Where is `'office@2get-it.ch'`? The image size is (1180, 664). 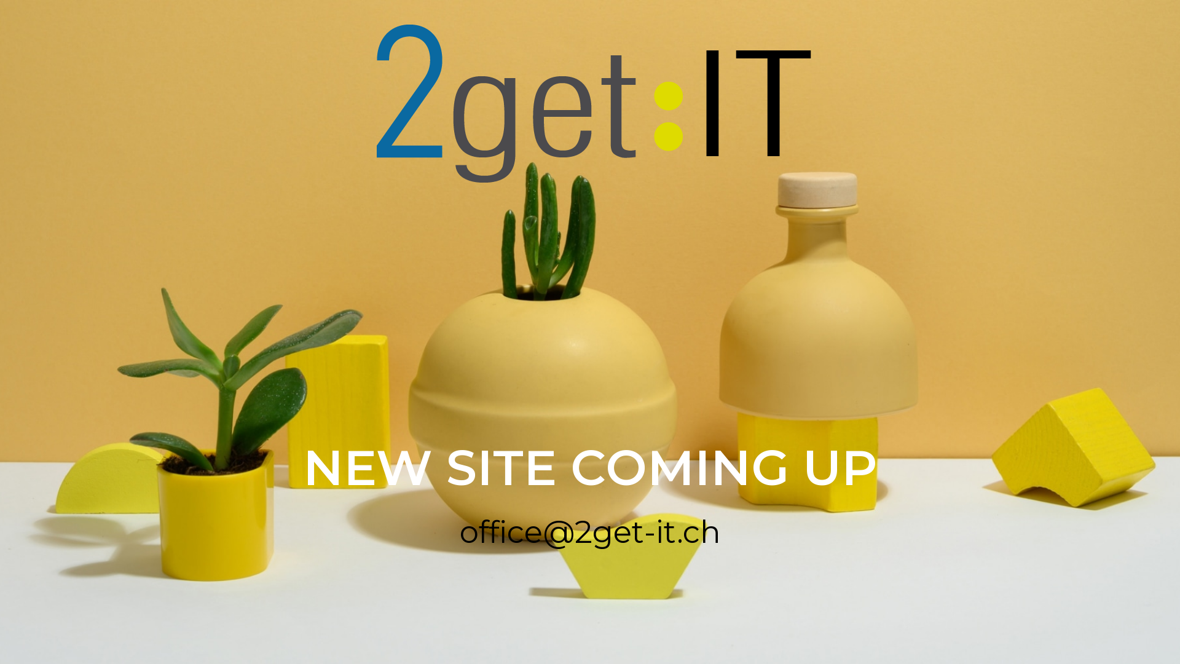 'office@2get-it.ch' is located at coordinates (590, 531).